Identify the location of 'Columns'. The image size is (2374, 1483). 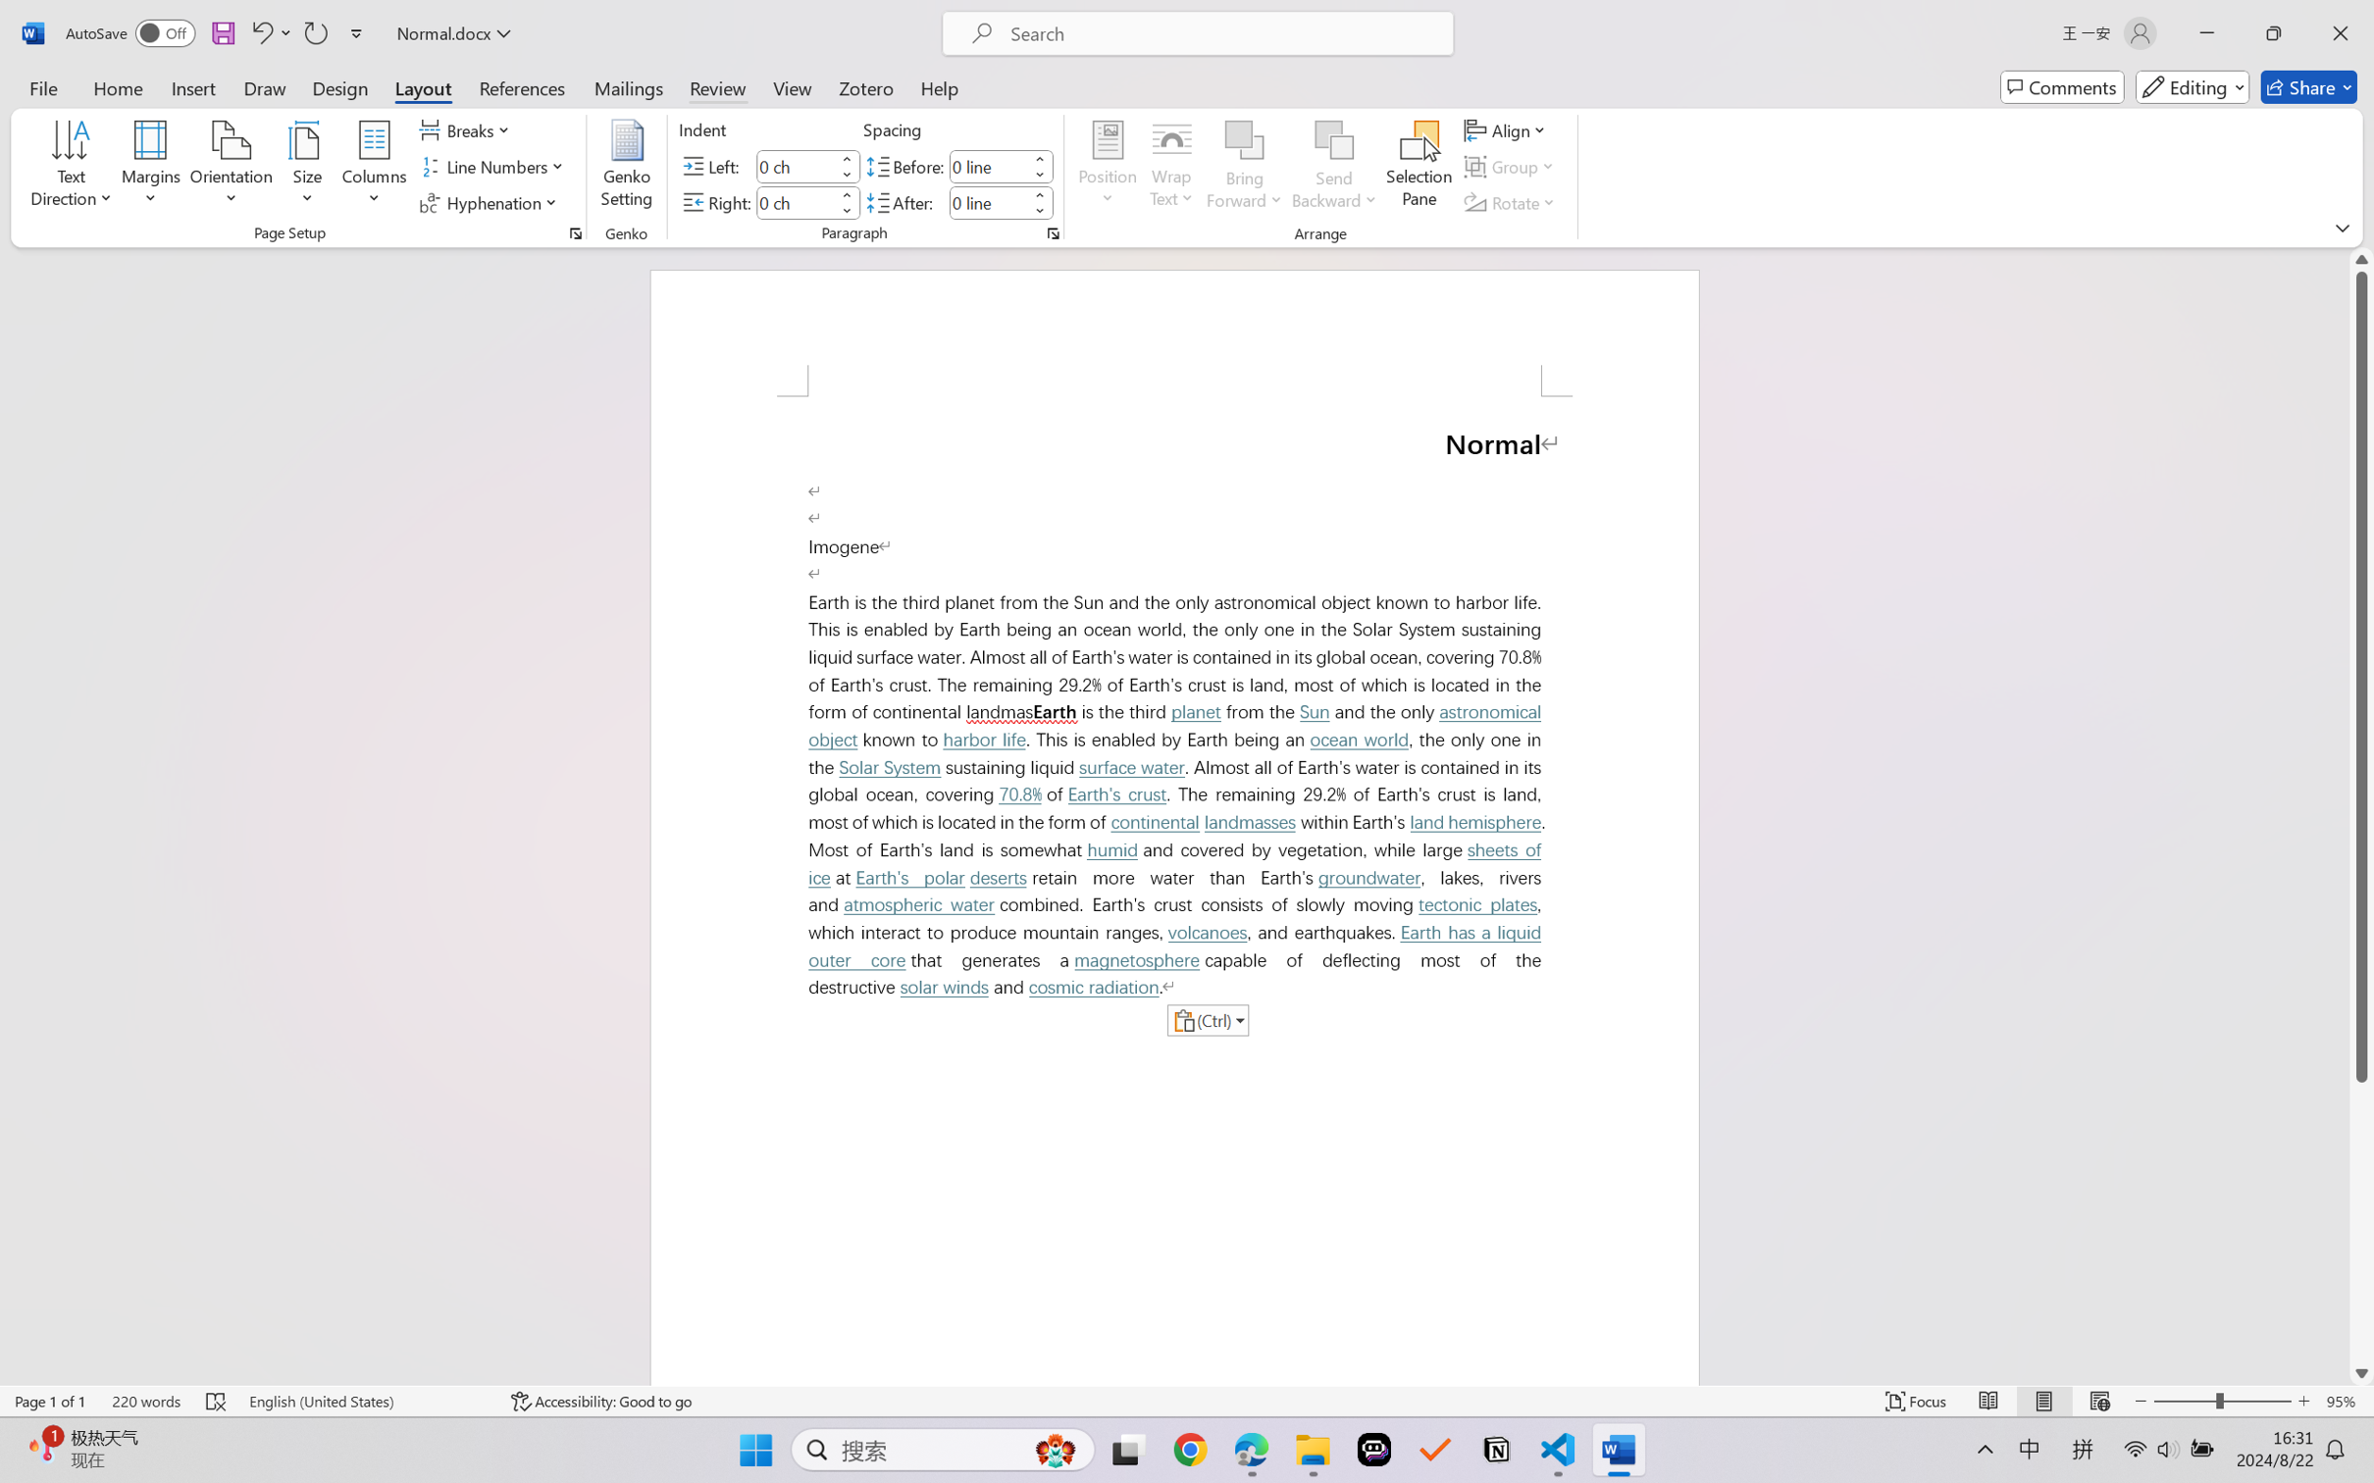
(375, 167).